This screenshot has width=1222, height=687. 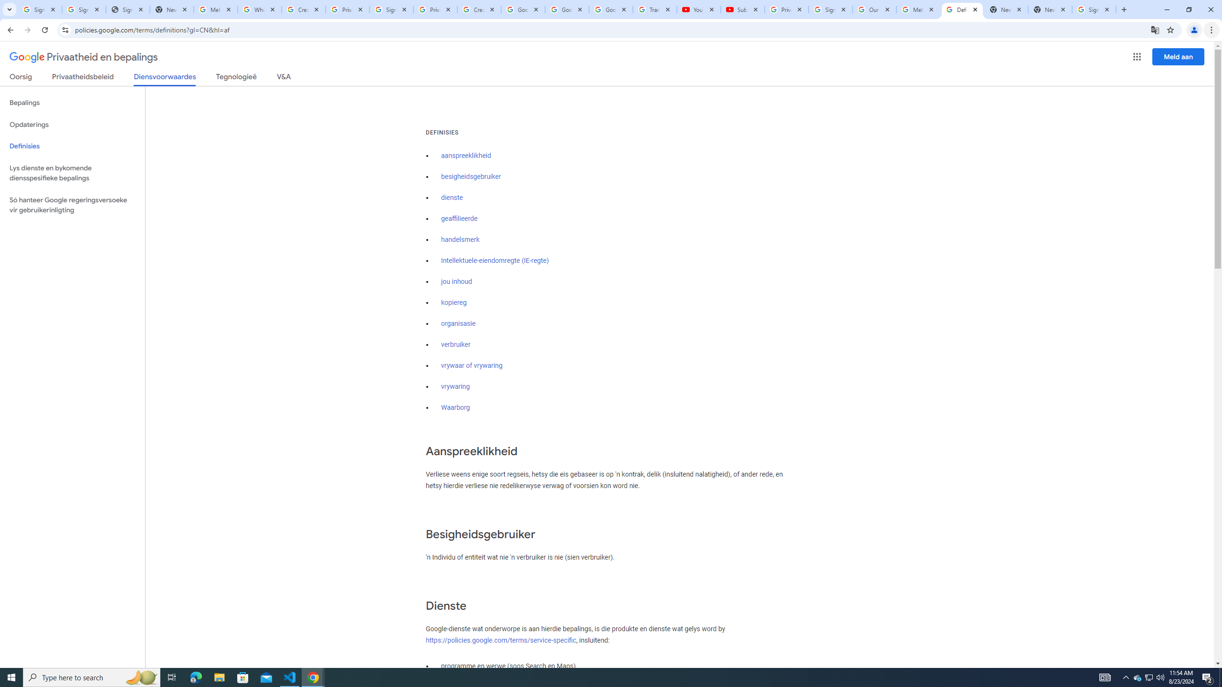 I want to click on 'Meld aan', so click(x=1179, y=56).